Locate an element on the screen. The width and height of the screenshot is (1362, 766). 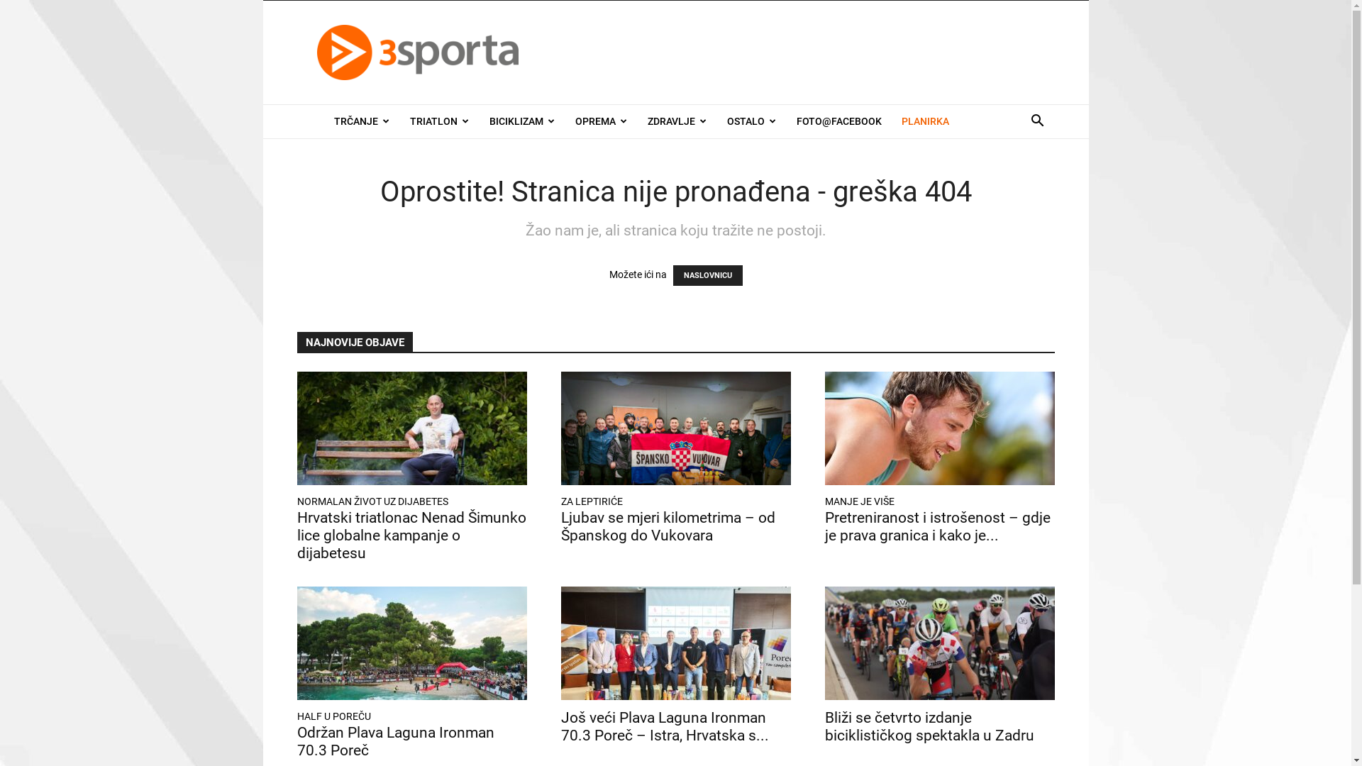
'OPREMA' is located at coordinates (600, 120).